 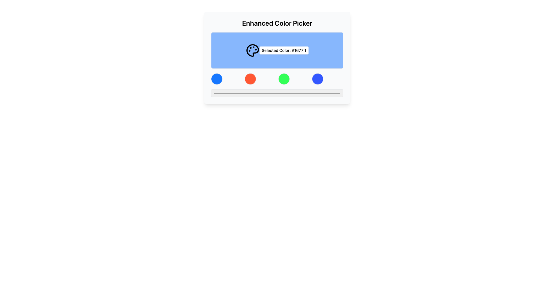 What do you see at coordinates (230, 93) in the screenshot?
I see `the slider` at bounding box center [230, 93].